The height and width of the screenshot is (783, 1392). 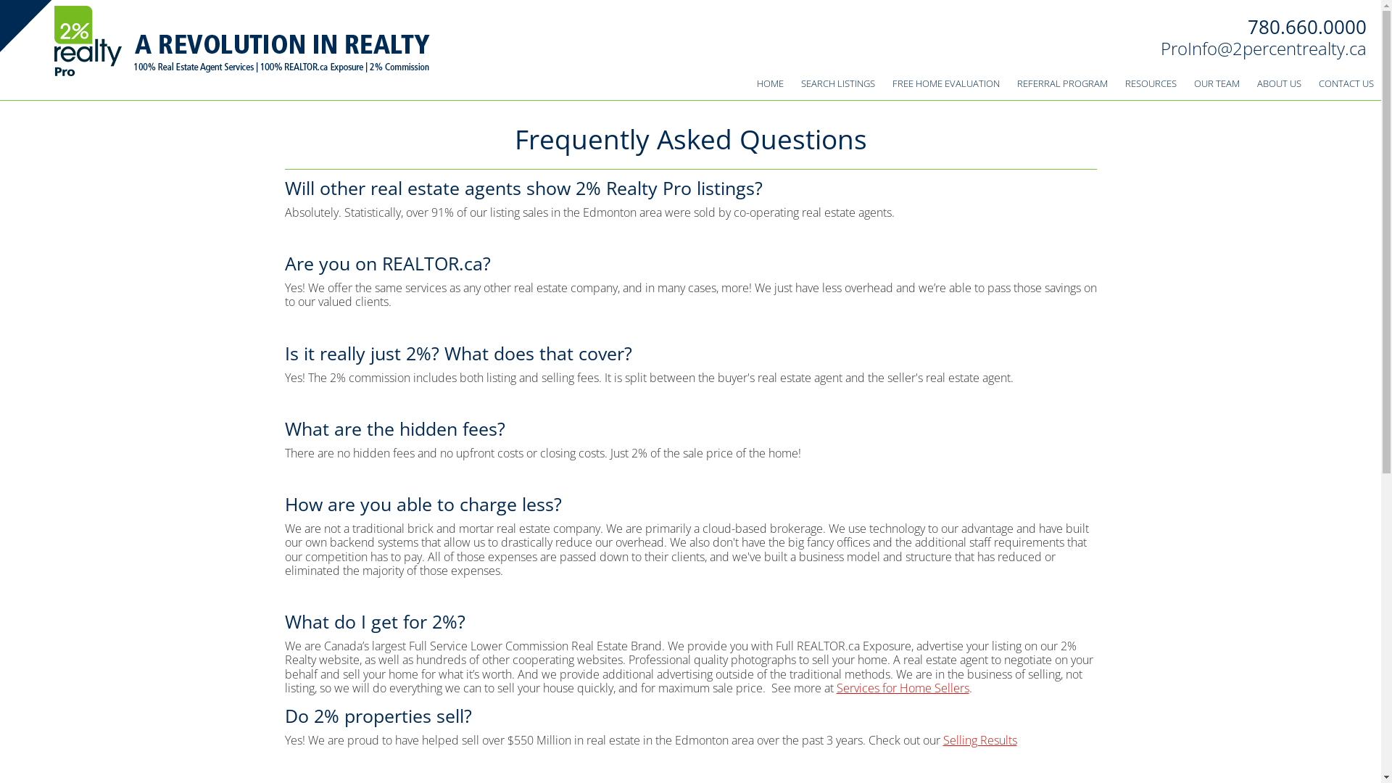 What do you see at coordinates (1279, 83) in the screenshot?
I see `'ABOUT US'` at bounding box center [1279, 83].